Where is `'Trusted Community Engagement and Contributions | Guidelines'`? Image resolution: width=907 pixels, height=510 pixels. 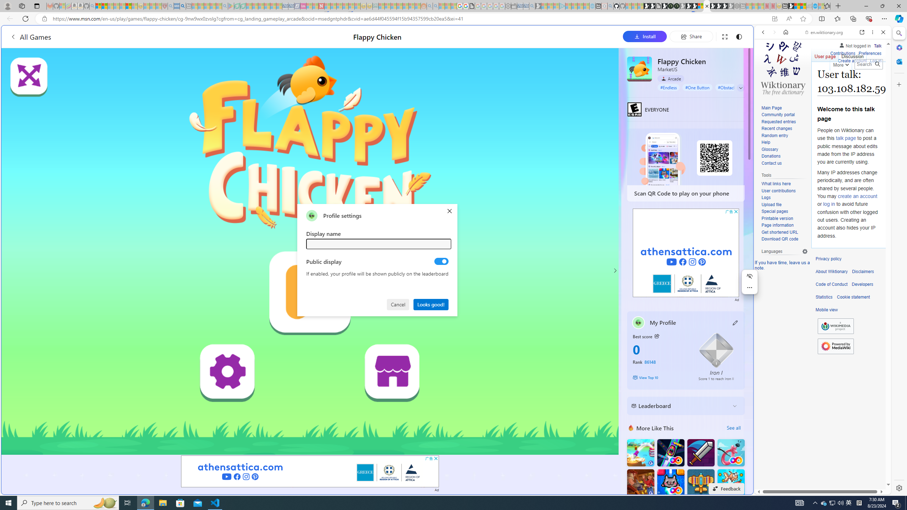
'Trusted Community Engagement and Contributions | Guidelines' is located at coordinates (327, 6).